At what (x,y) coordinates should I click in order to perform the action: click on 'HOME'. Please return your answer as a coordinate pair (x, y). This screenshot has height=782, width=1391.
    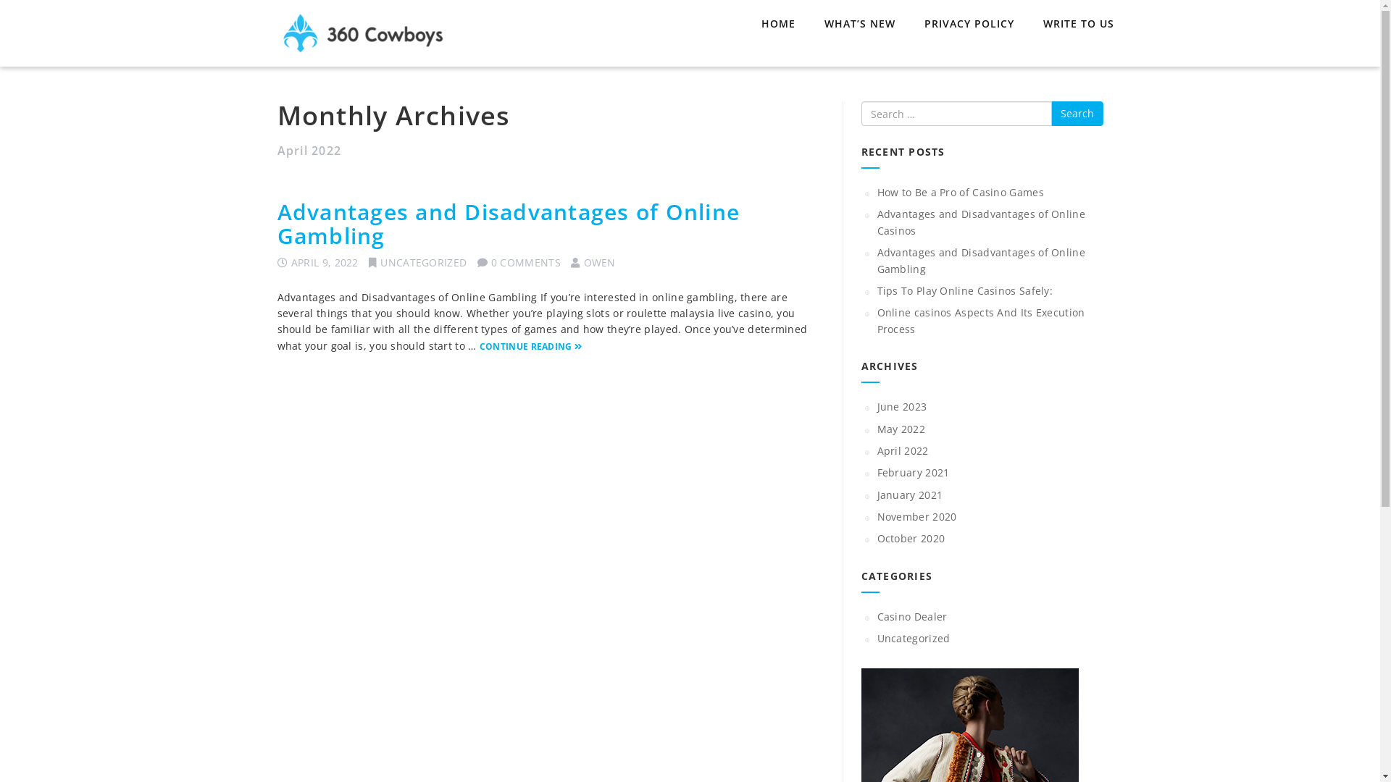
    Looking at the image, I should click on (777, 25).